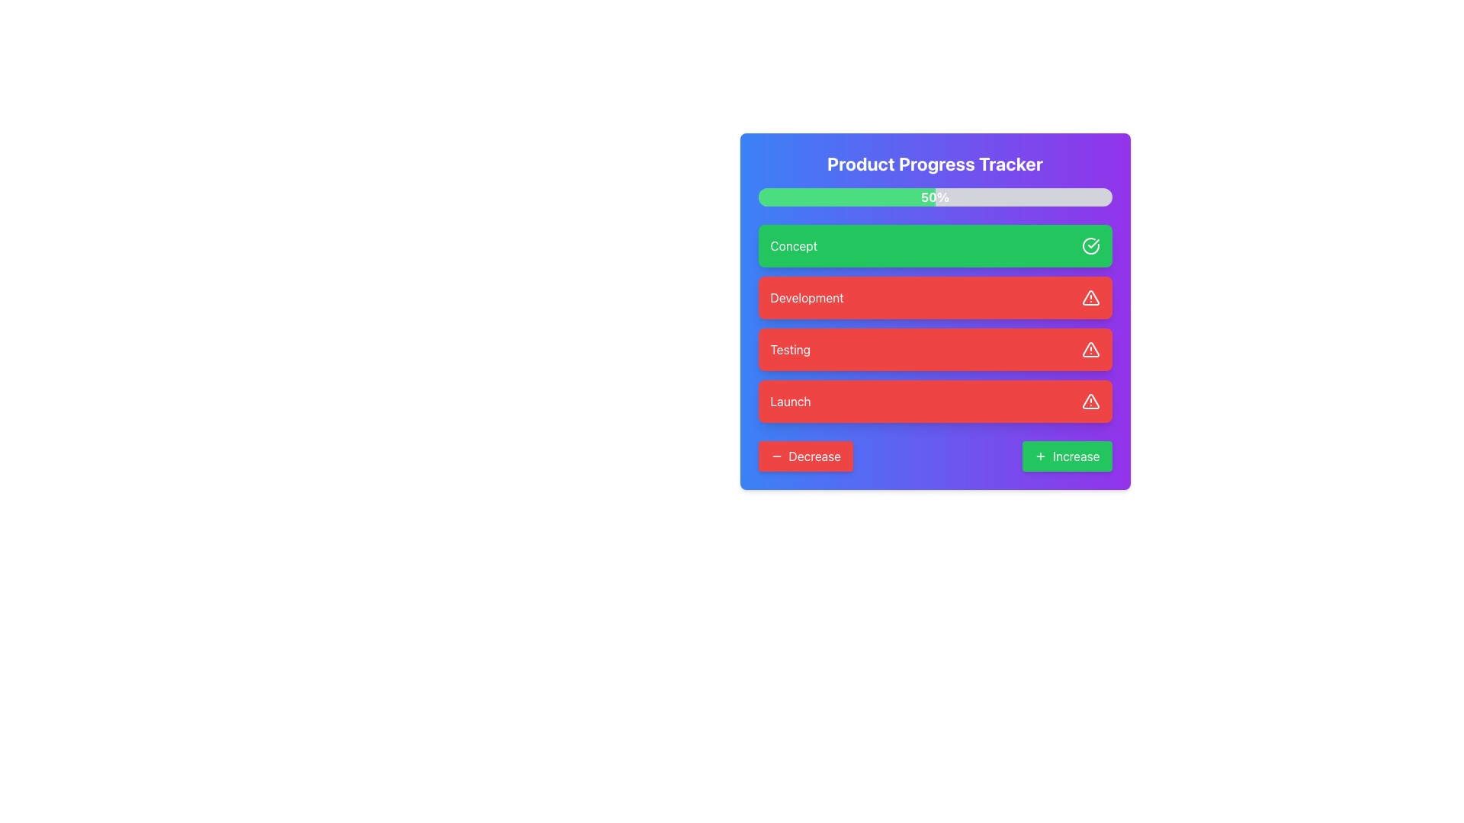  Describe the element at coordinates (1090, 401) in the screenshot. I see `the visual warning icon at the right end of the 'Launch' row` at that location.